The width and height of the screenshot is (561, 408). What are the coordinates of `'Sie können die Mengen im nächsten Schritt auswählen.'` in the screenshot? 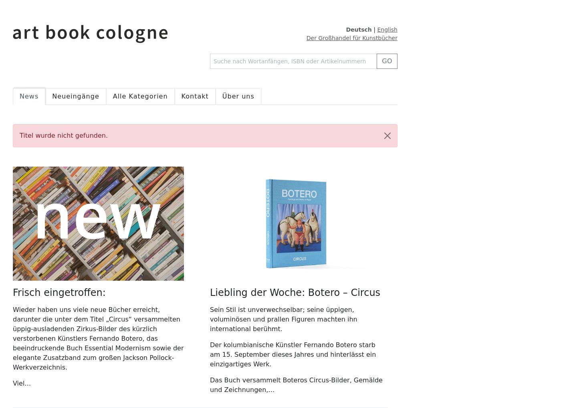 It's located at (487, 269).